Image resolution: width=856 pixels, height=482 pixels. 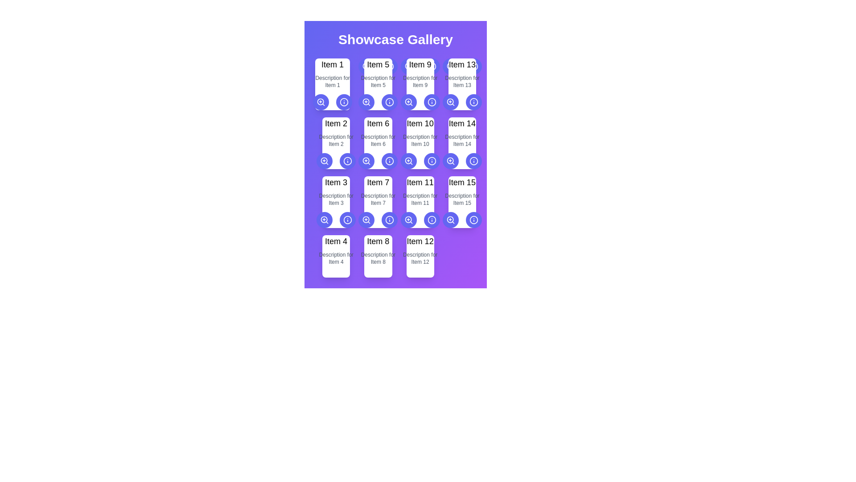 I want to click on the static text display element titled 'Item 3' with the description 'Description for Item 3', which is located in the third row, first column of a 4x4 grid layout, so click(x=336, y=202).